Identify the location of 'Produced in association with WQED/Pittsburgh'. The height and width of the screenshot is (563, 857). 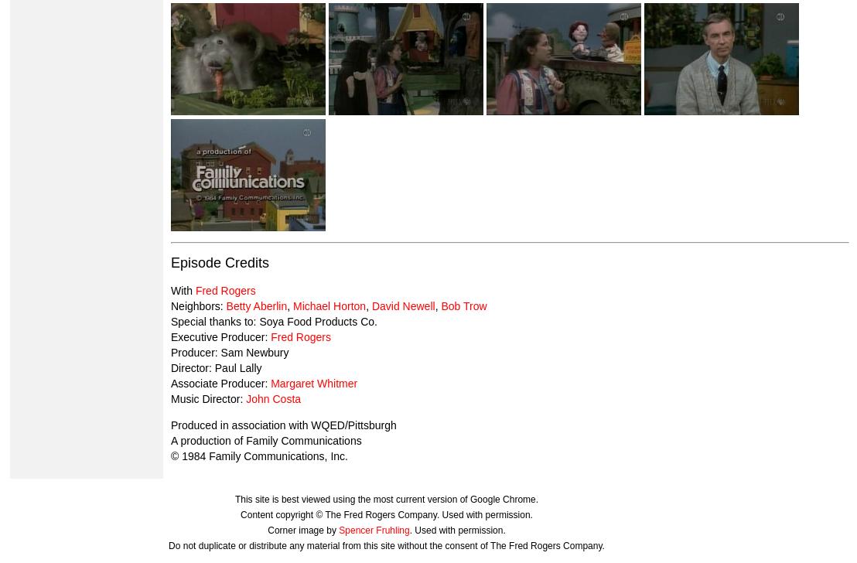
(282, 424).